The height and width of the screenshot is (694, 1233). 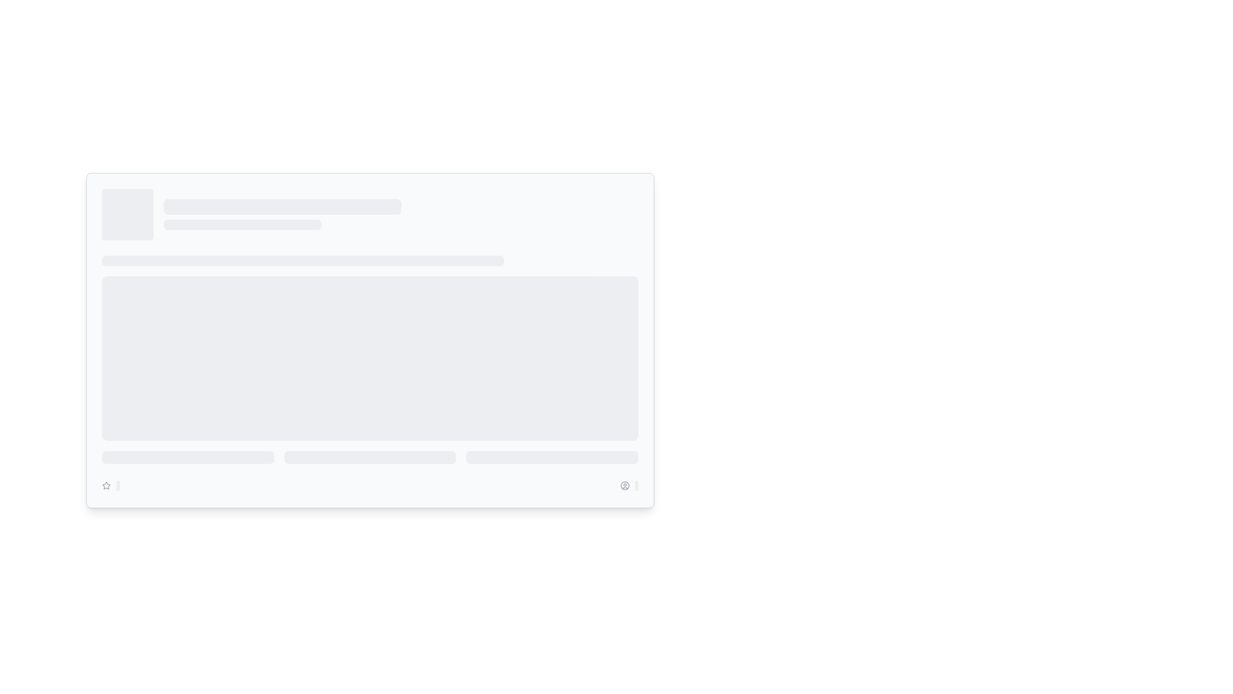 I want to click on the Skeleton loader bar, which is a light gray rounded rectangle indicating a loading state and positioned below a longer placeholder bar, so click(x=243, y=224).